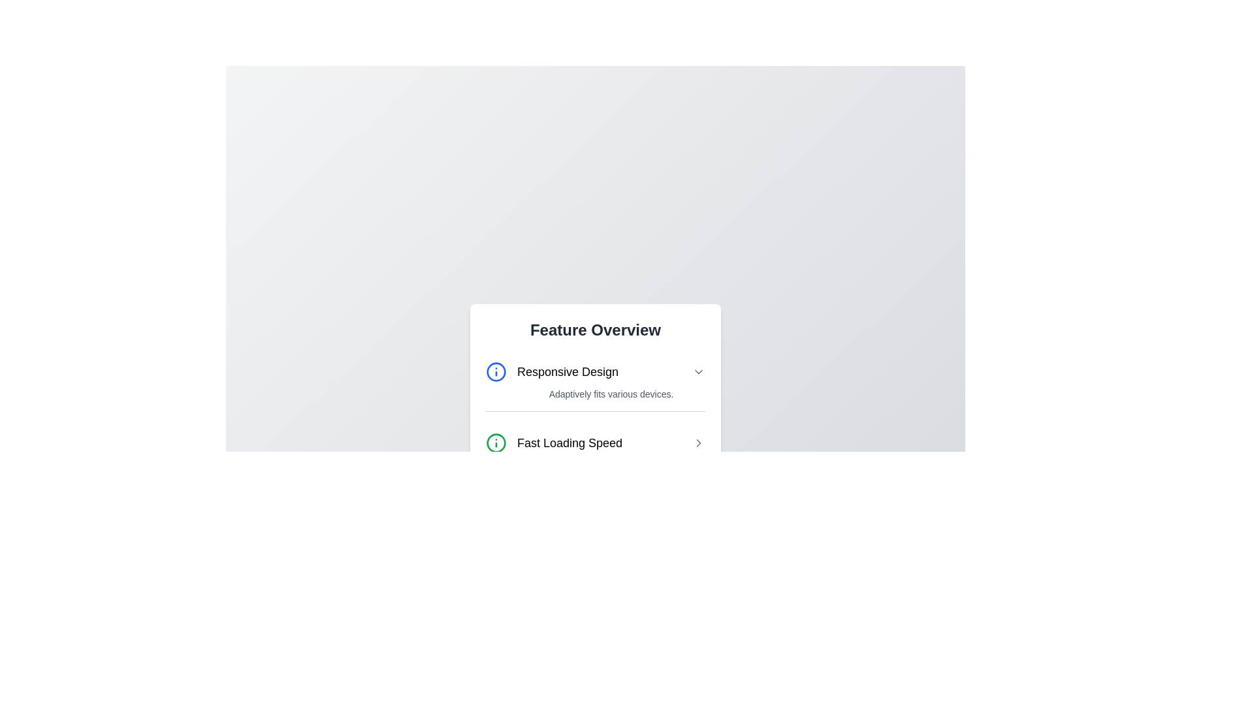  I want to click on the Text label for 'Responsive Design' positioned in the first entry of the 'Feature Overview' card to access related actions, so click(552, 371).